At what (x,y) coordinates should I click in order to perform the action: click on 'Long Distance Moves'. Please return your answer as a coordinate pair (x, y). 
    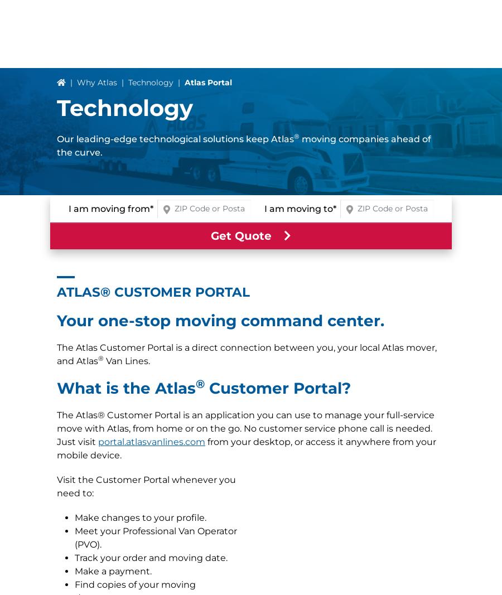
    Looking at the image, I should click on (56, 407).